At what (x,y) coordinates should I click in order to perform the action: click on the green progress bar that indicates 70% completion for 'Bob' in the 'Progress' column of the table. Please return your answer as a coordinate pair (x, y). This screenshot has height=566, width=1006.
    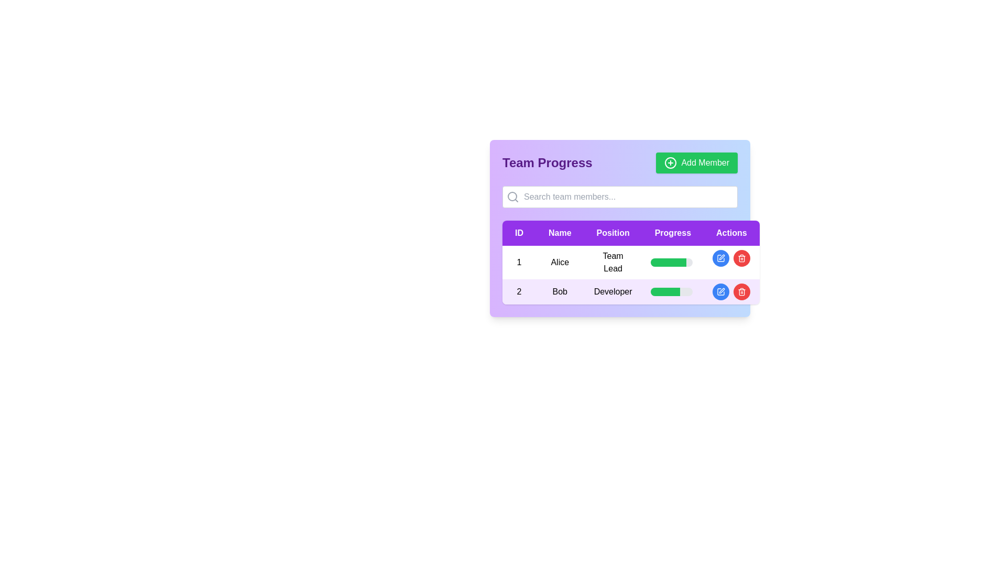
    Looking at the image, I should click on (664, 291).